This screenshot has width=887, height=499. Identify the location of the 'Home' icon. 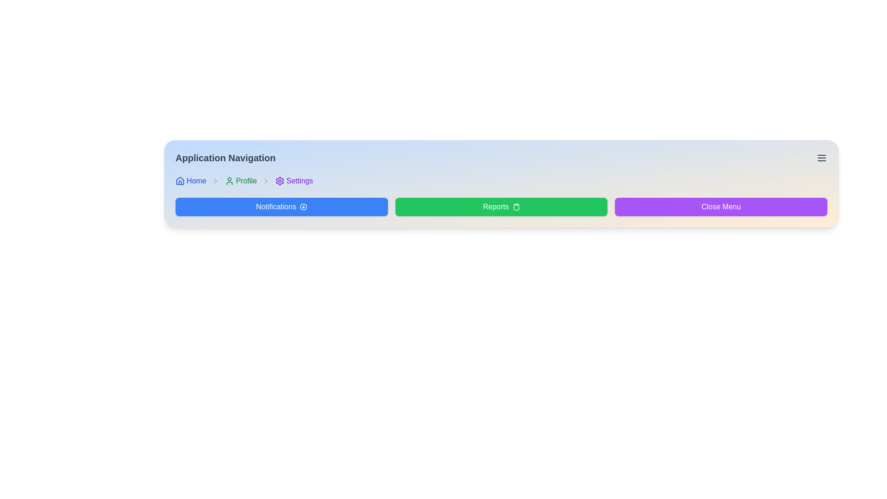
(180, 181).